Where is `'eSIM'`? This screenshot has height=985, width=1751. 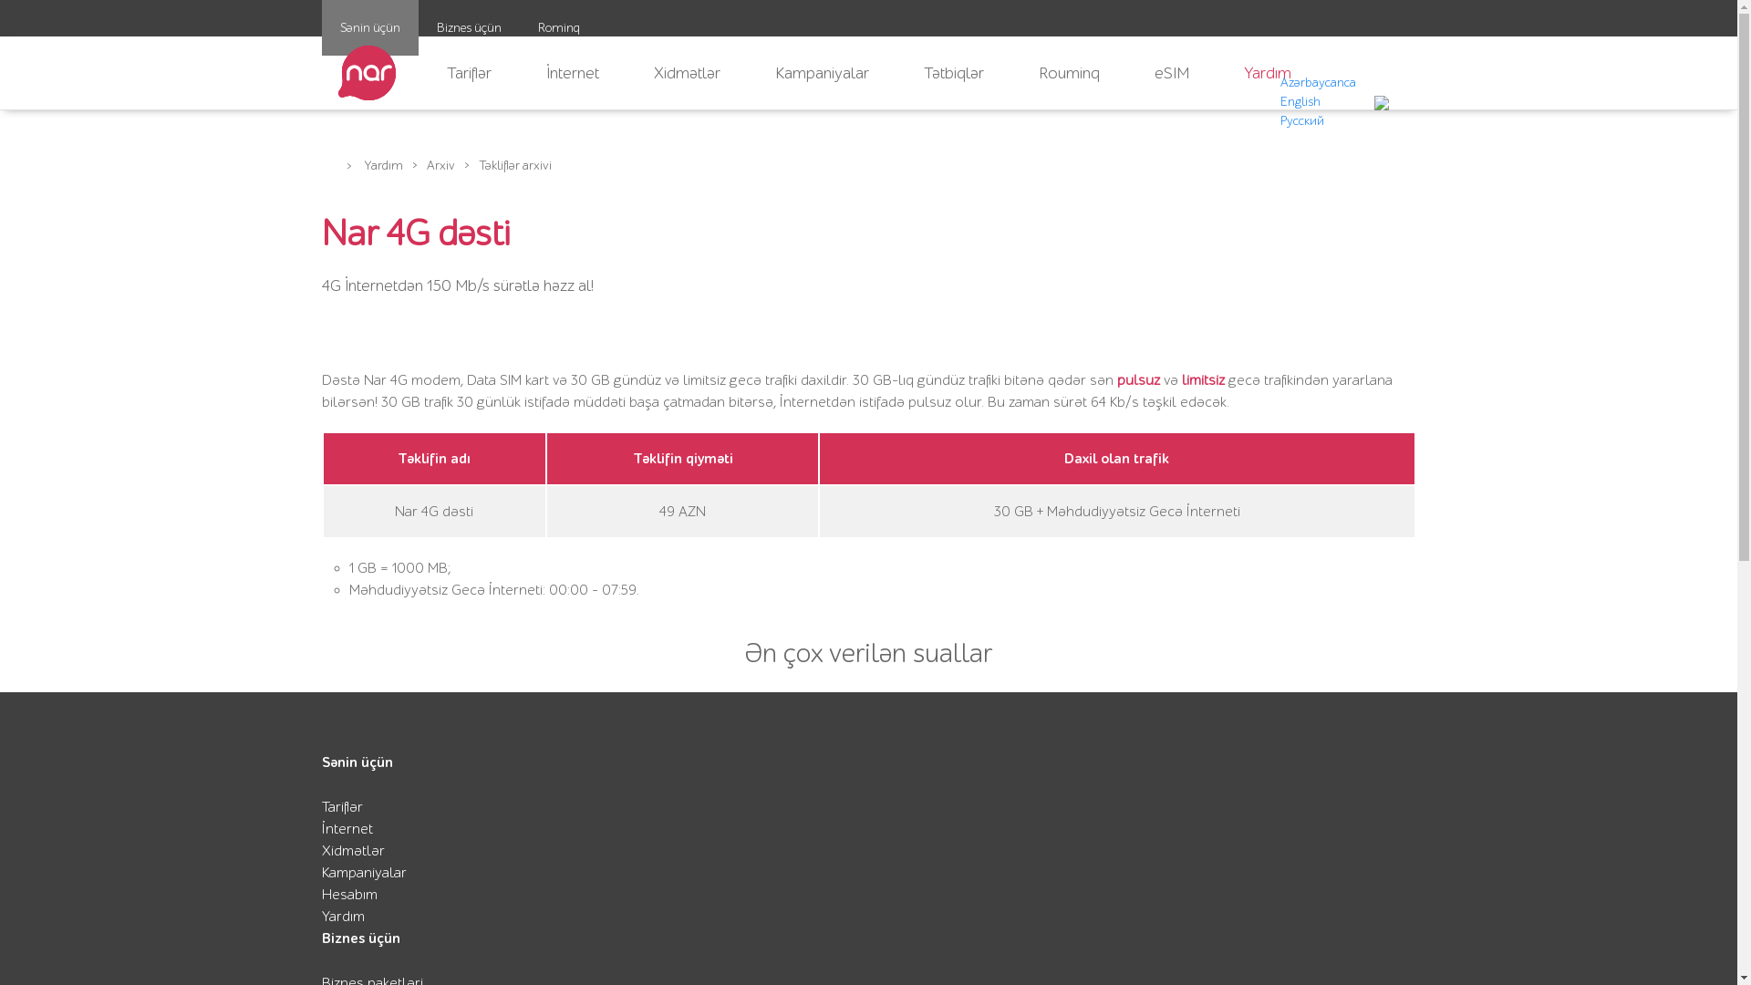
'eSIM' is located at coordinates (1172, 72).